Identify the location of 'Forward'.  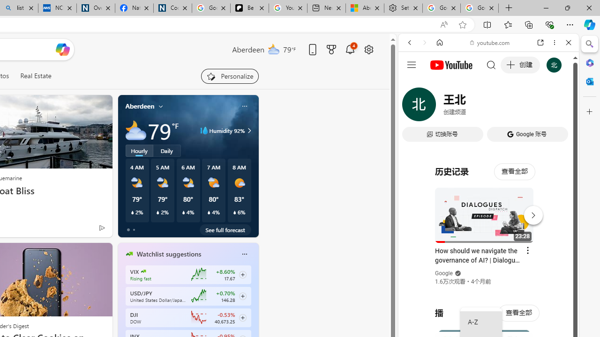
(424, 43).